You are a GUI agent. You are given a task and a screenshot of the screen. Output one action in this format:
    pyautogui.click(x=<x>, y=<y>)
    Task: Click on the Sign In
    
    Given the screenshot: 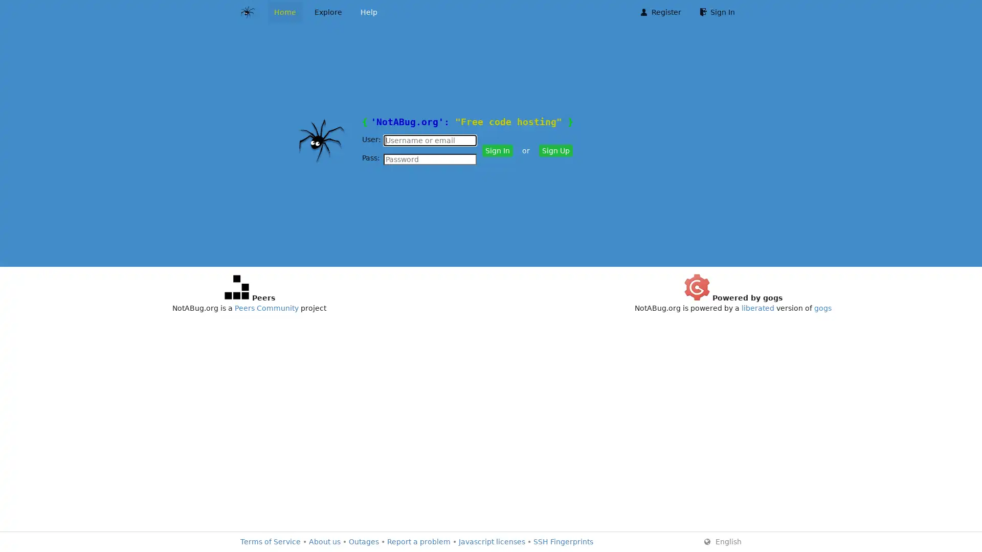 What is the action you would take?
    pyautogui.click(x=498, y=150)
    